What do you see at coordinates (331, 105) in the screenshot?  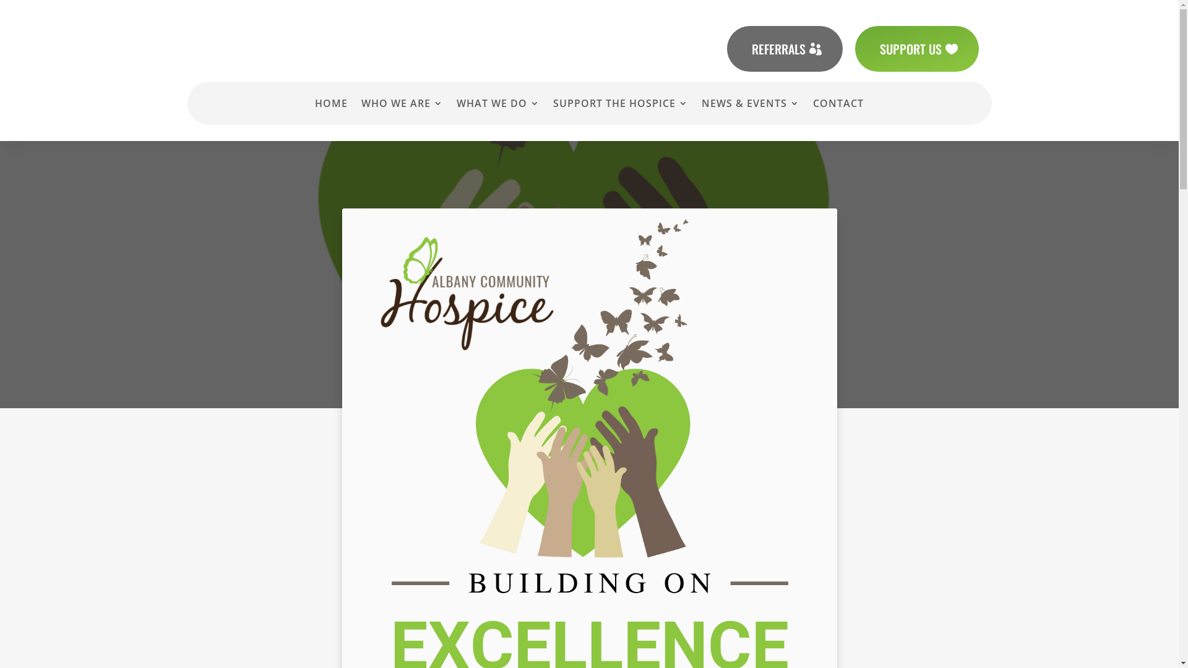 I see `'HOME'` at bounding box center [331, 105].